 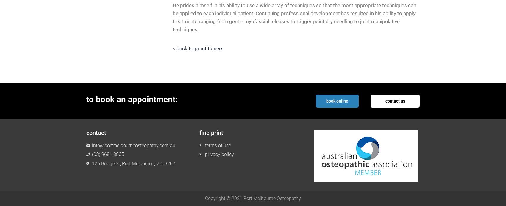 What do you see at coordinates (219, 154) in the screenshot?
I see `'privacy policy'` at bounding box center [219, 154].